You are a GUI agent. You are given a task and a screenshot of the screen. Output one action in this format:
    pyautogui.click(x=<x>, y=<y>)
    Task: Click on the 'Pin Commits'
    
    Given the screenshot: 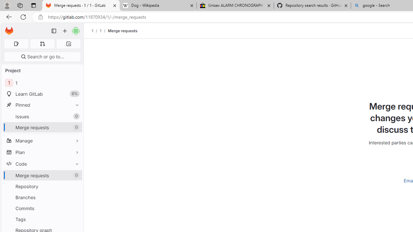 What is the action you would take?
    pyautogui.click(x=76, y=208)
    